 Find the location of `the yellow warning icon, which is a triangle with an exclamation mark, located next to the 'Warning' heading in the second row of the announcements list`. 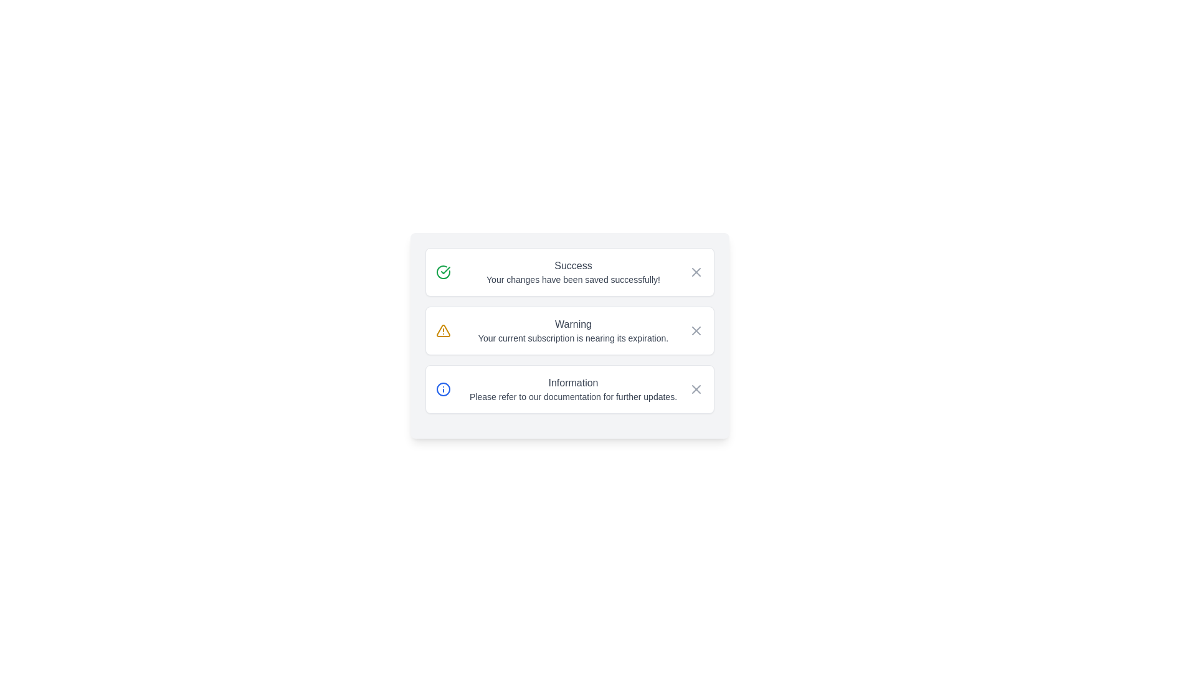

the yellow warning icon, which is a triangle with an exclamation mark, located next to the 'Warning' heading in the second row of the announcements list is located at coordinates (443, 330).